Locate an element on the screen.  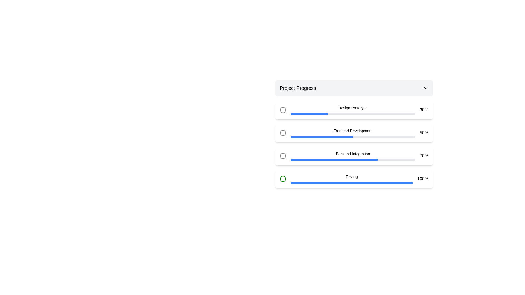
the progress completion percentage of the progress indicator labeled 'Testing', which is the fourth item in the list and shows a 100% completion with a green icon and blue progress bar is located at coordinates (354, 179).